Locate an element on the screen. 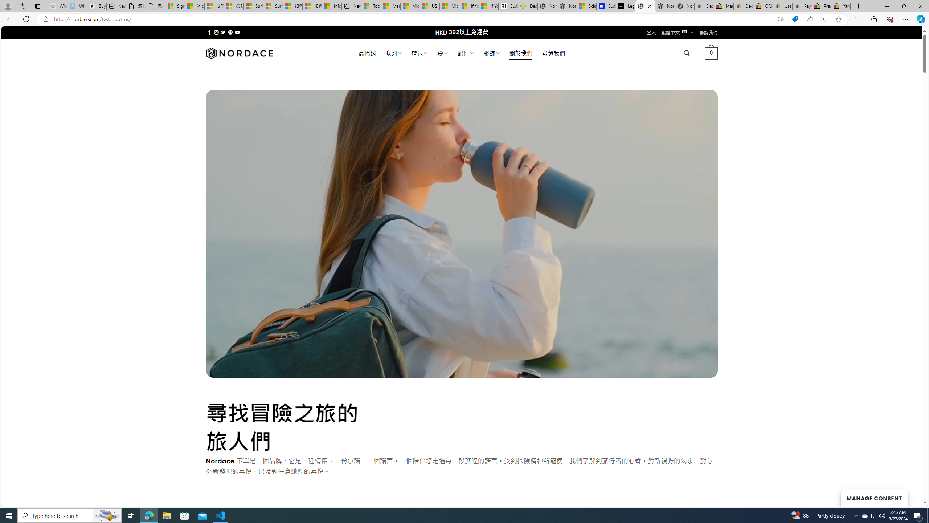 This screenshot has height=523, width=929. 'Descarga Driver Updater' is located at coordinates (528, 6).